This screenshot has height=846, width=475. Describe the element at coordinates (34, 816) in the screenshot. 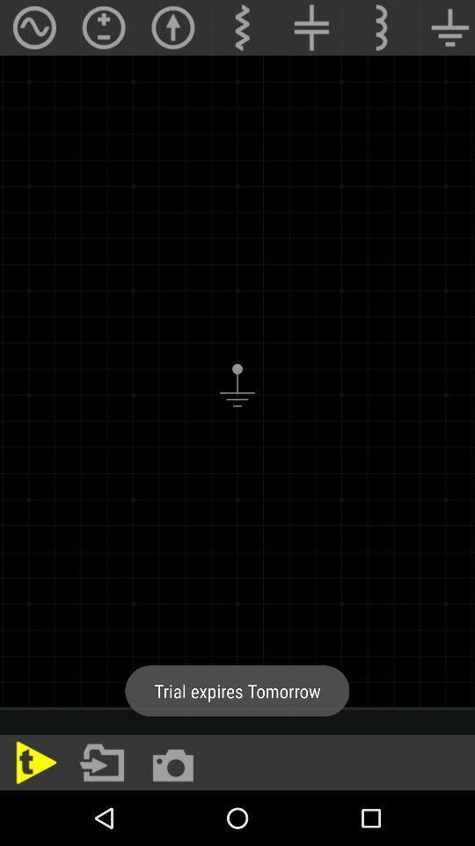

I see `the play icon` at that location.